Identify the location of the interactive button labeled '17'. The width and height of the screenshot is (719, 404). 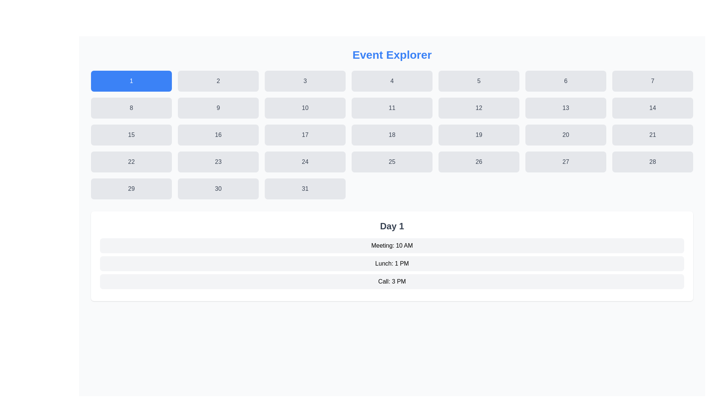
(305, 135).